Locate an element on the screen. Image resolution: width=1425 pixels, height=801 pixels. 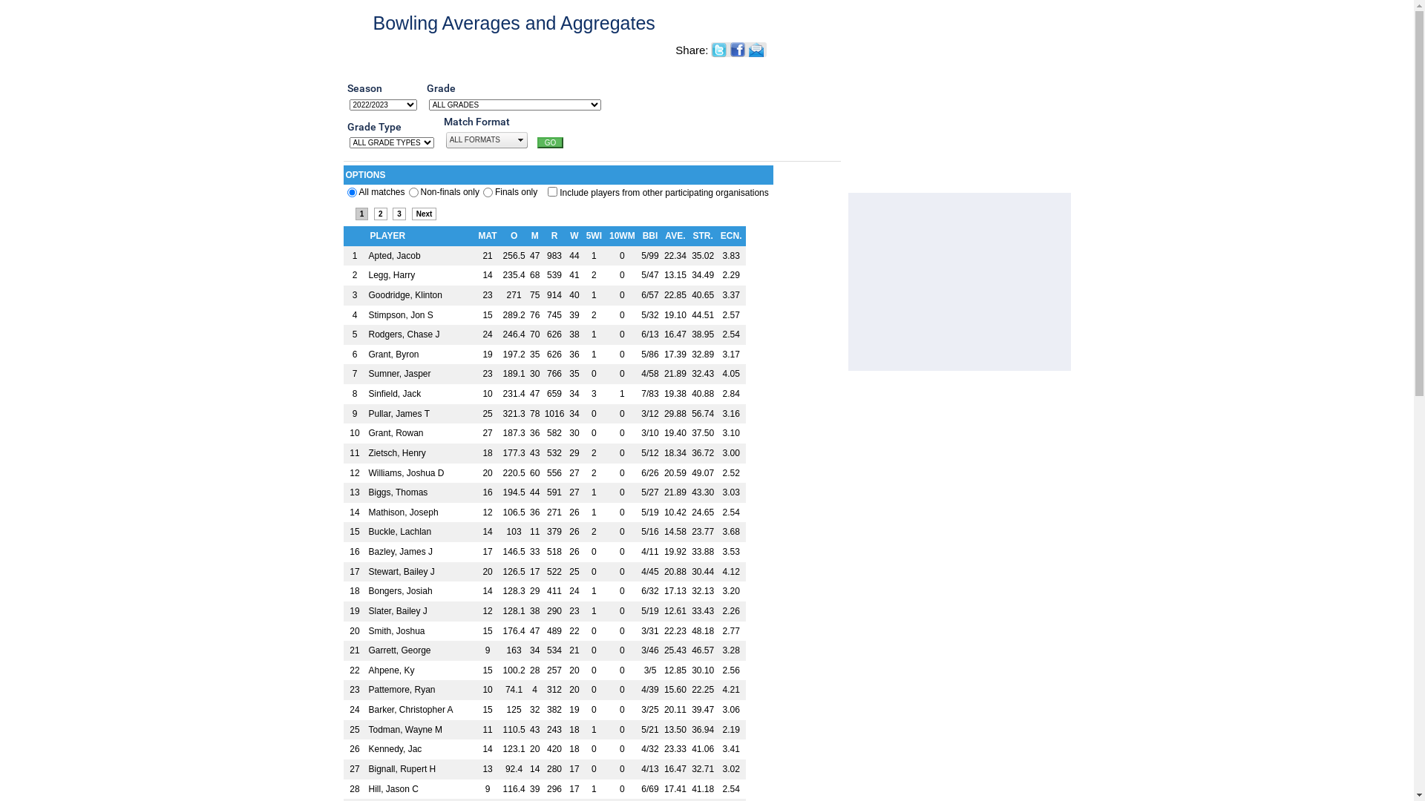
'26 Kennedy, Jac 14 123.1 20 420 18 0 0 4/32 23.33 41.06 3.41' is located at coordinates (543, 749).